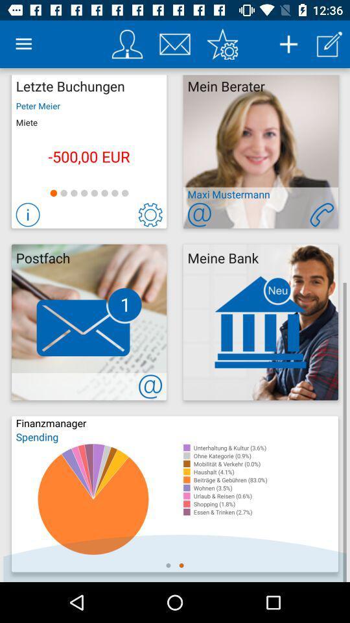 The width and height of the screenshot is (350, 623). Describe the element at coordinates (321, 215) in the screenshot. I see `contact option` at that location.